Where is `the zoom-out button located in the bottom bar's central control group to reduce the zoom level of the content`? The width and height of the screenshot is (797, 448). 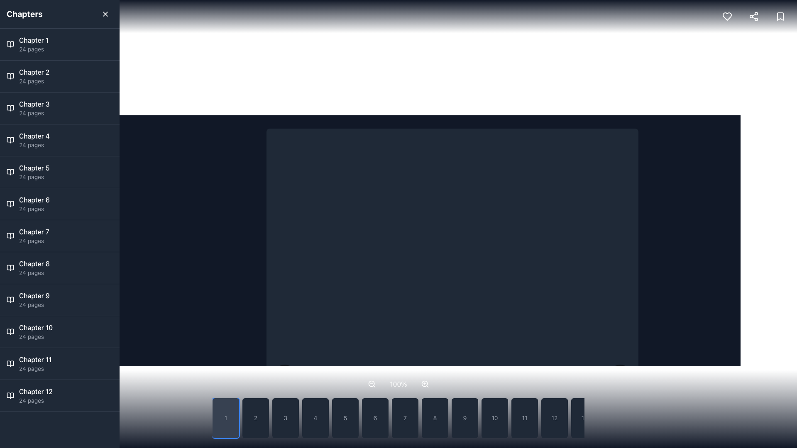 the zoom-out button located in the bottom bar's central control group to reduce the zoom level of the content is located at coordinates (372, 384).